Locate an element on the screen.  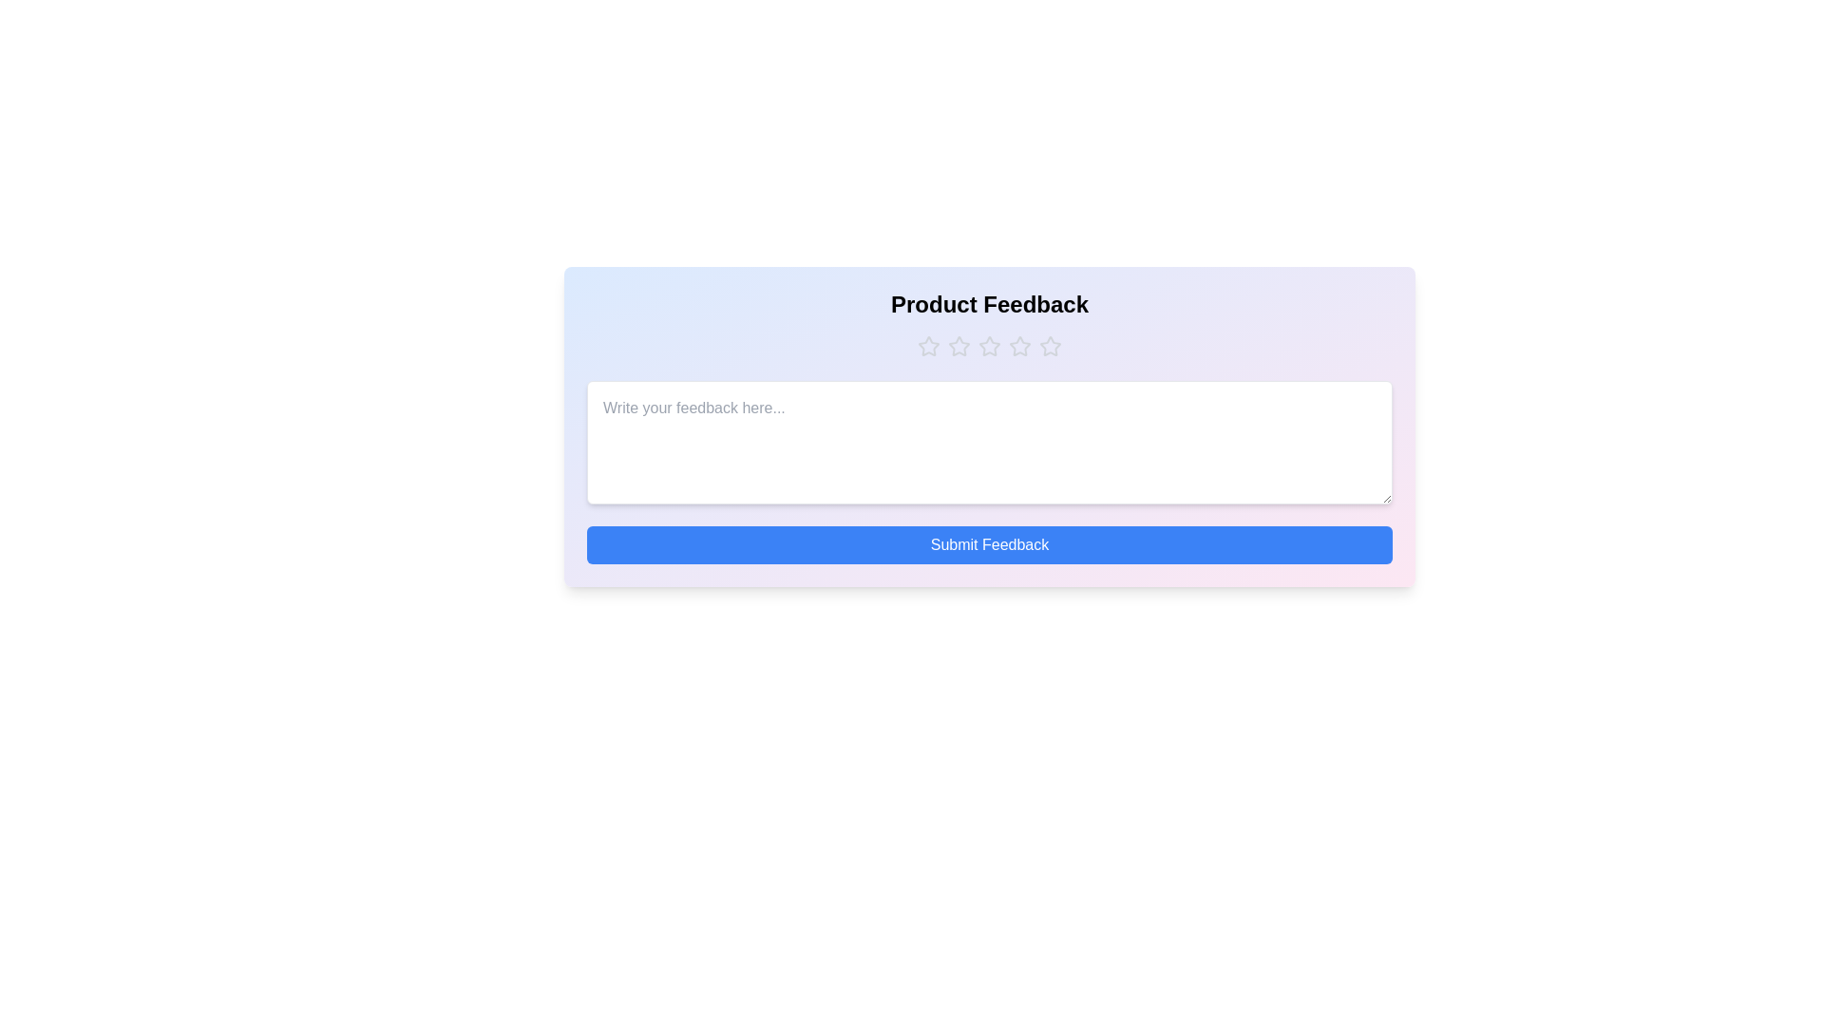
the rating to 4 stars by clicking on the corresponding star is located at coordinates (1019, 347).